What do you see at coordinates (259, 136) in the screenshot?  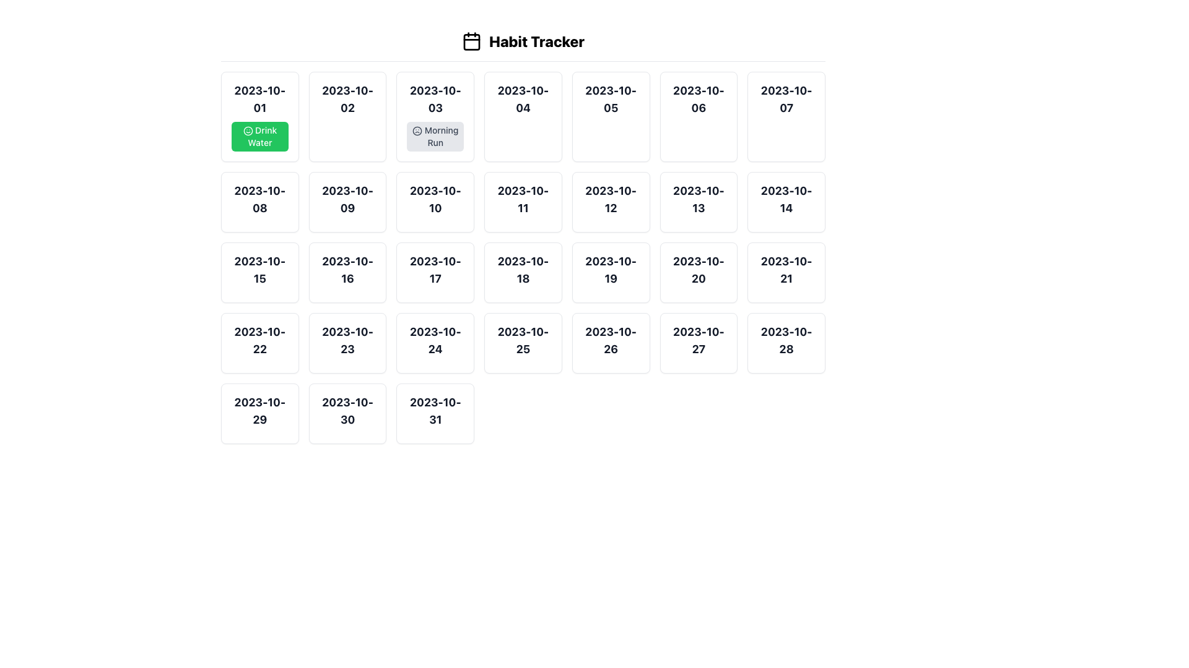 I see `the 'Drink Water' button with a green background and white text to mark the habit as completed` at bounding box center [259, 136].